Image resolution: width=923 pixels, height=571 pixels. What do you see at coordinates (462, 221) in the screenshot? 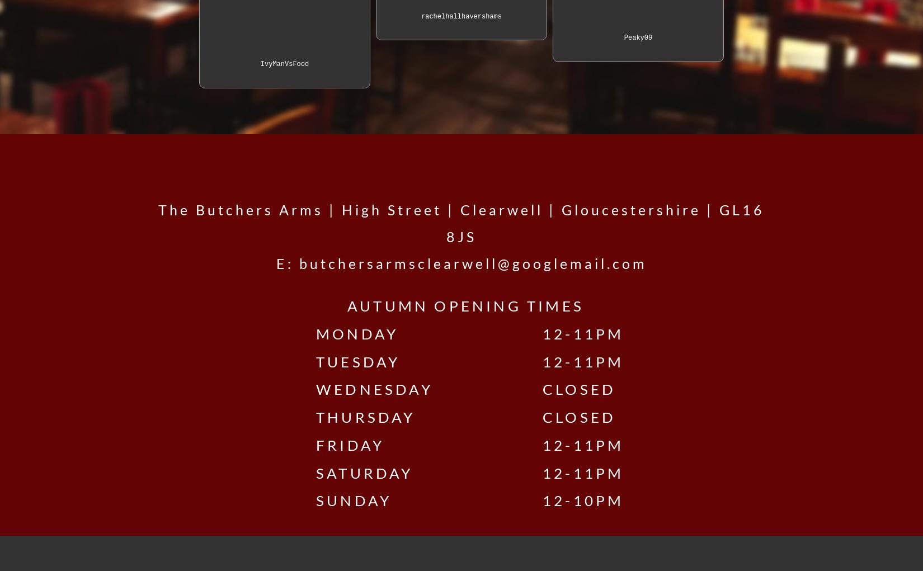
I see `'The Butchers Arms | High Street | Clearwell | Gloucestershire | GL16 8JS'` at bounding box center [462, 221].